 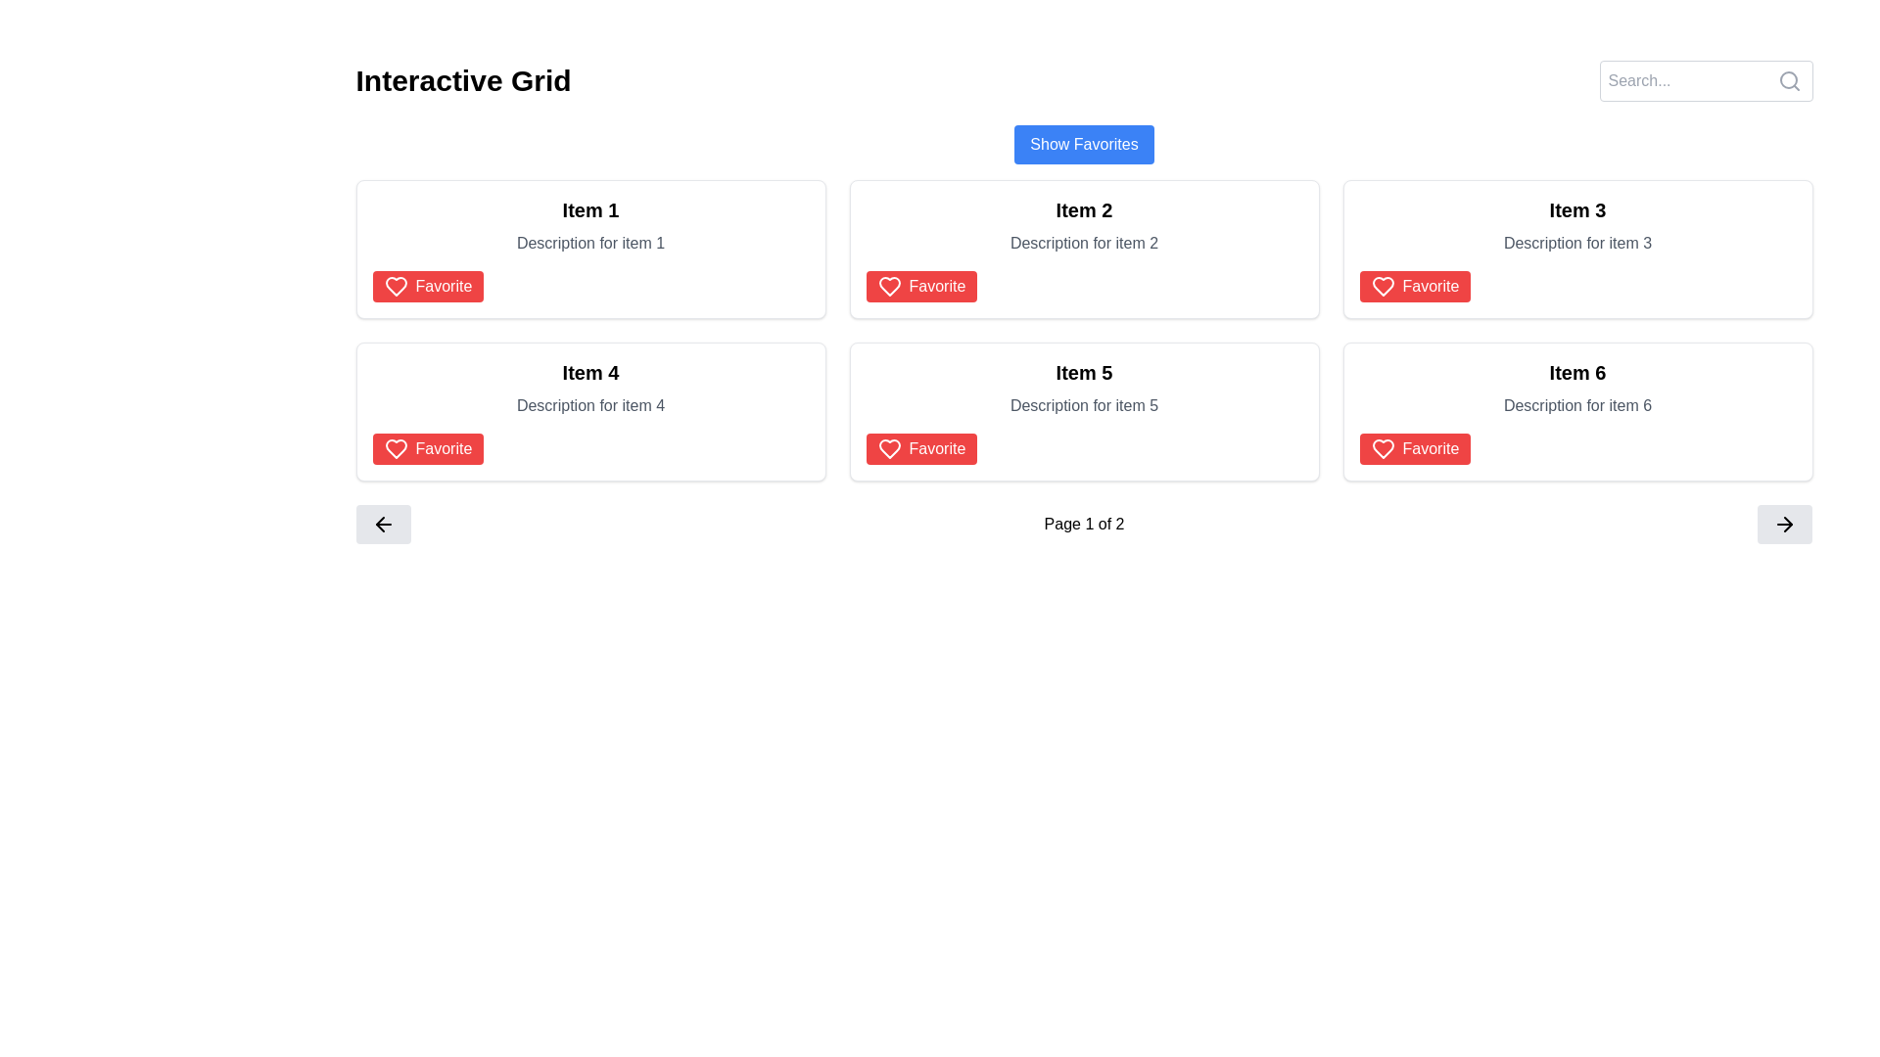 I want to click on the descriptive text element located directly below the title 'Item 1' in the first card of the grid layout, so click(x=589, y=243).